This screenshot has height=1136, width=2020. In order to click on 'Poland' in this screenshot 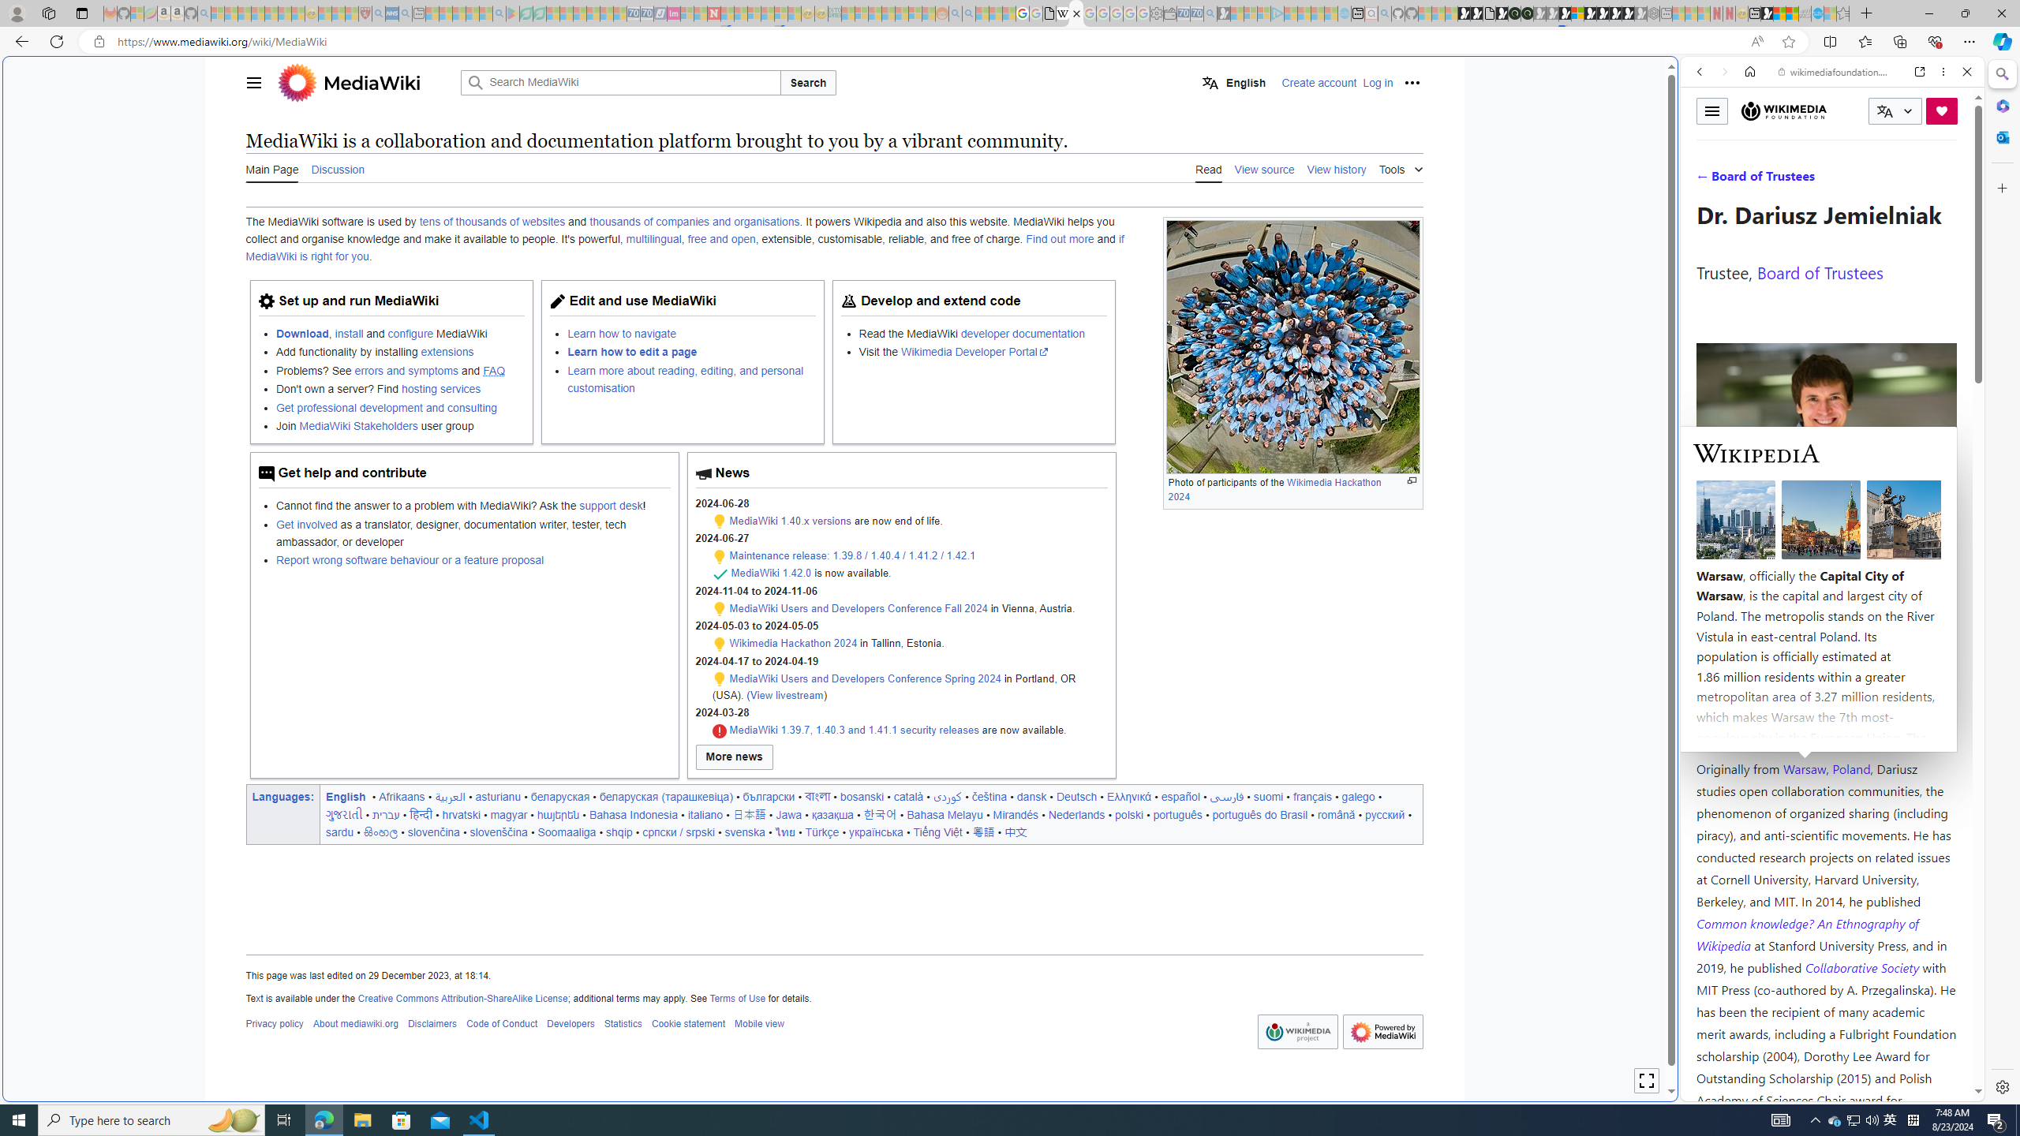, I will do `click(1852, 768)`.